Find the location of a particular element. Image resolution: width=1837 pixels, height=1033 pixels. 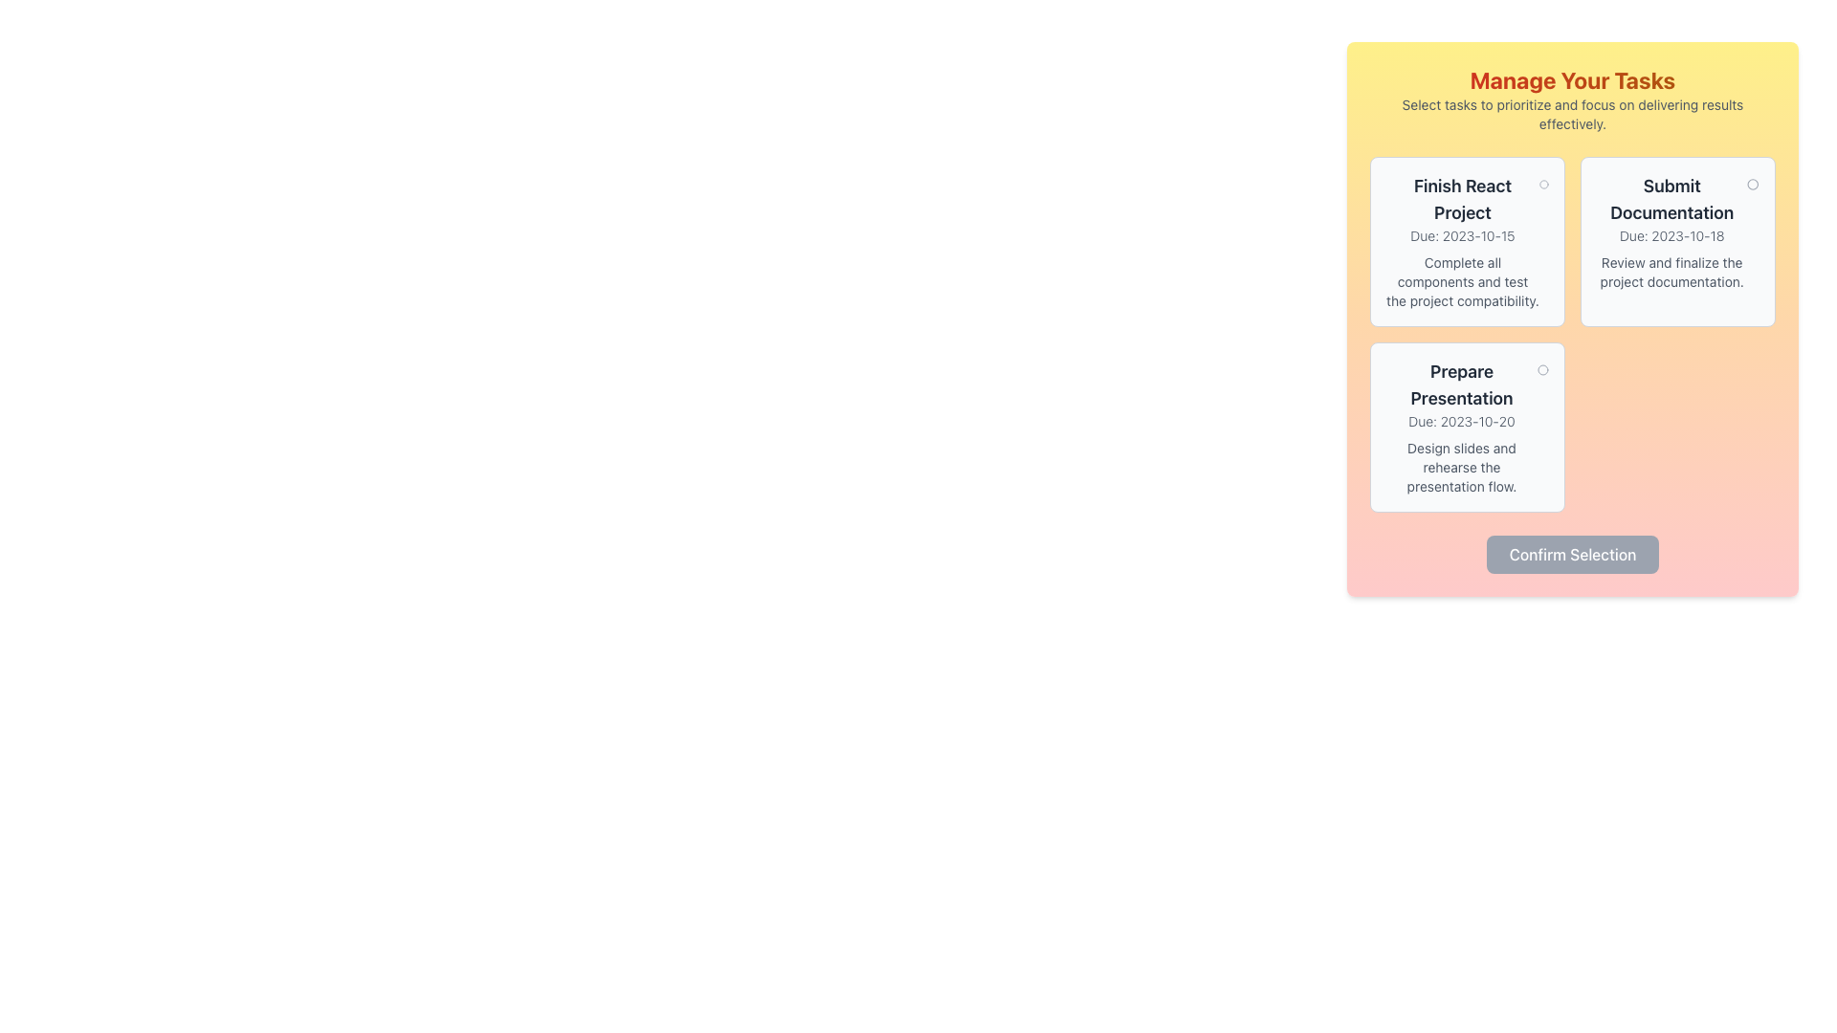

the circular interactive marker located in the top-right corner of the 'Prepare Presentation' interactive card is located at coordinates (1467, 427).